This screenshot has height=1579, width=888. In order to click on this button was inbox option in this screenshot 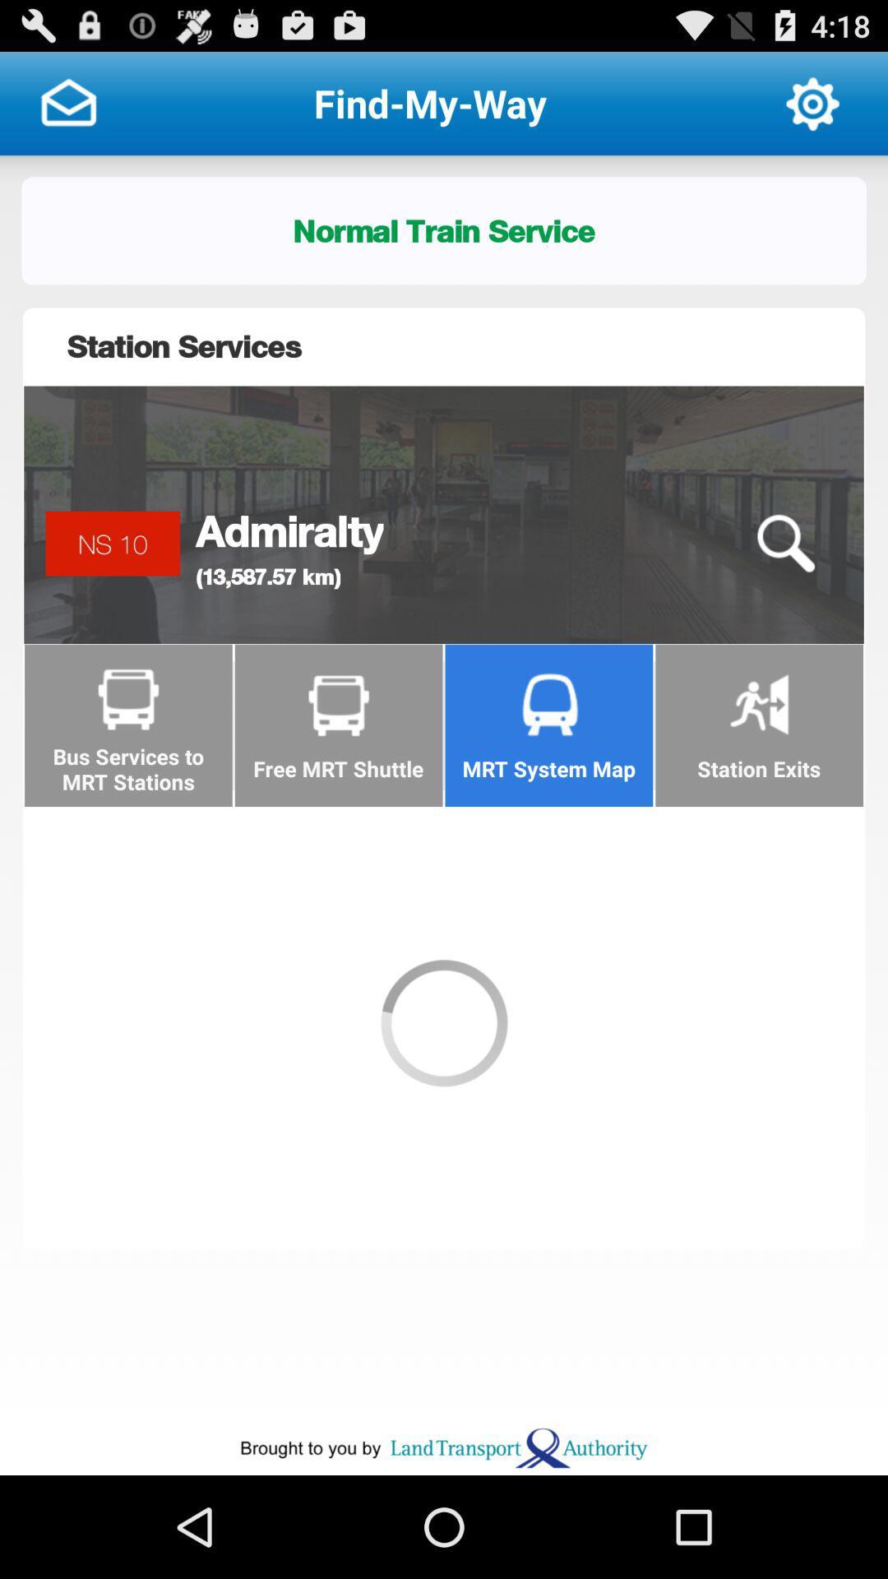, I will do `click(67, 102)`.